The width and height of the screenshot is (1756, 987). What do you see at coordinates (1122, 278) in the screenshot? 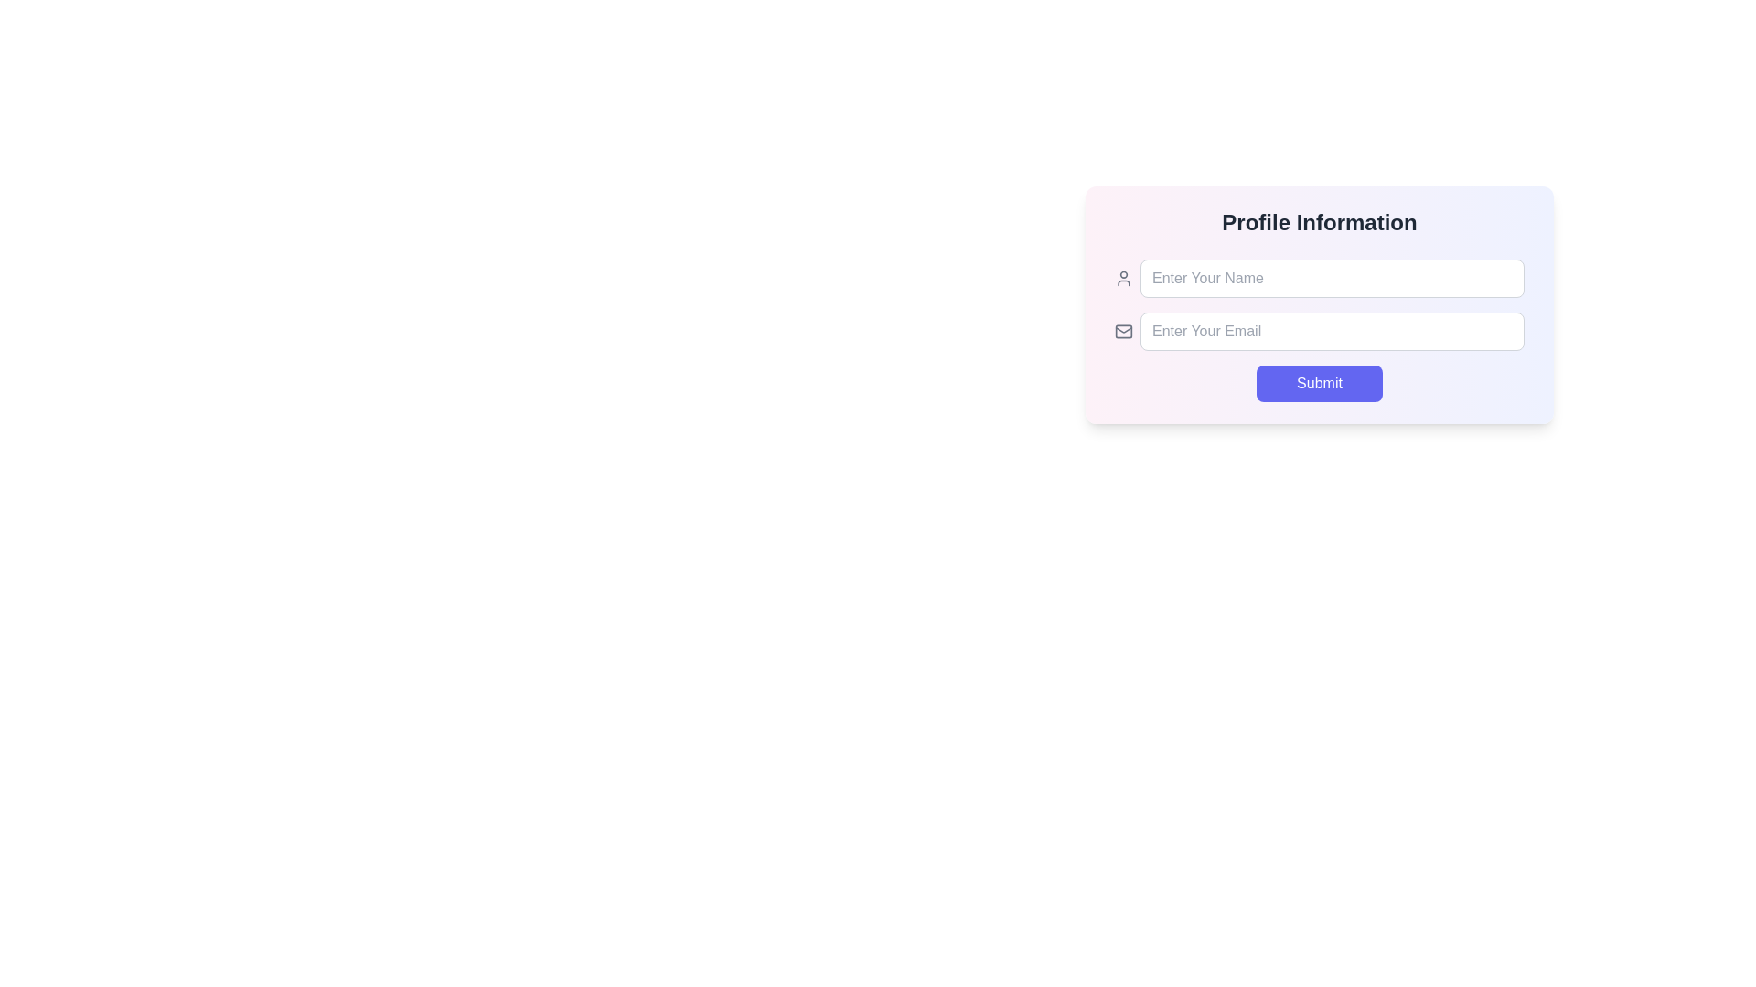
I see `the icon located to the left of the text input box labeled 'Enter Your Name', which visually indicates the input pertains to the user's name or profile` at bounding box center [1122, 278].